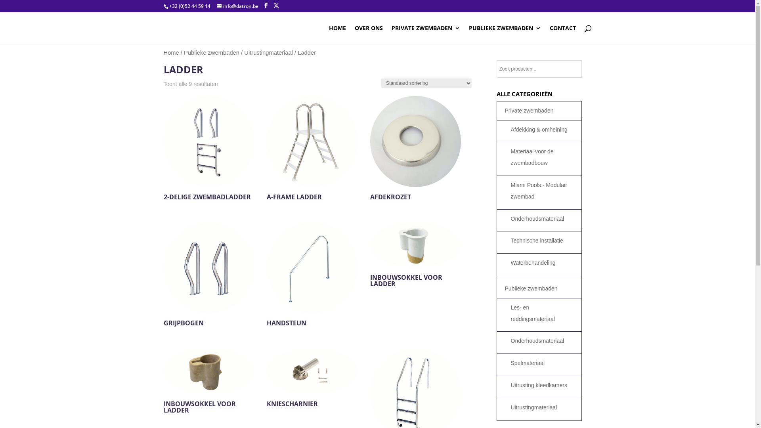 This screenshot has width=761, height=428. What do you see at coordinates (562, 34) in the screenshot?
I see `'CONTACT'` at bounding box center [562, 34].